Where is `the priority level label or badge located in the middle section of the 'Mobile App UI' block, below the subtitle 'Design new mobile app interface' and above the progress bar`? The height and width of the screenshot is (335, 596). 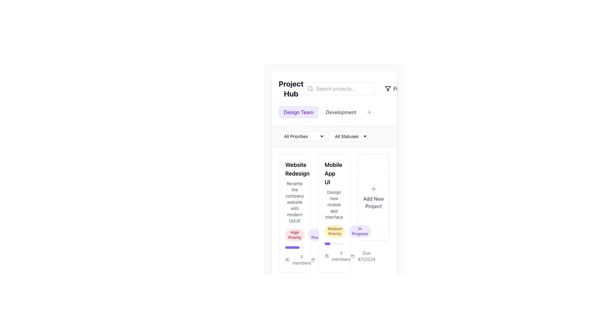 the priority level label or badge located in the middle section of the 'Mobile App UI' block, below the subtitle 'Design new mobile app interface' and above the progress bar is located at coordinates (334, 231).